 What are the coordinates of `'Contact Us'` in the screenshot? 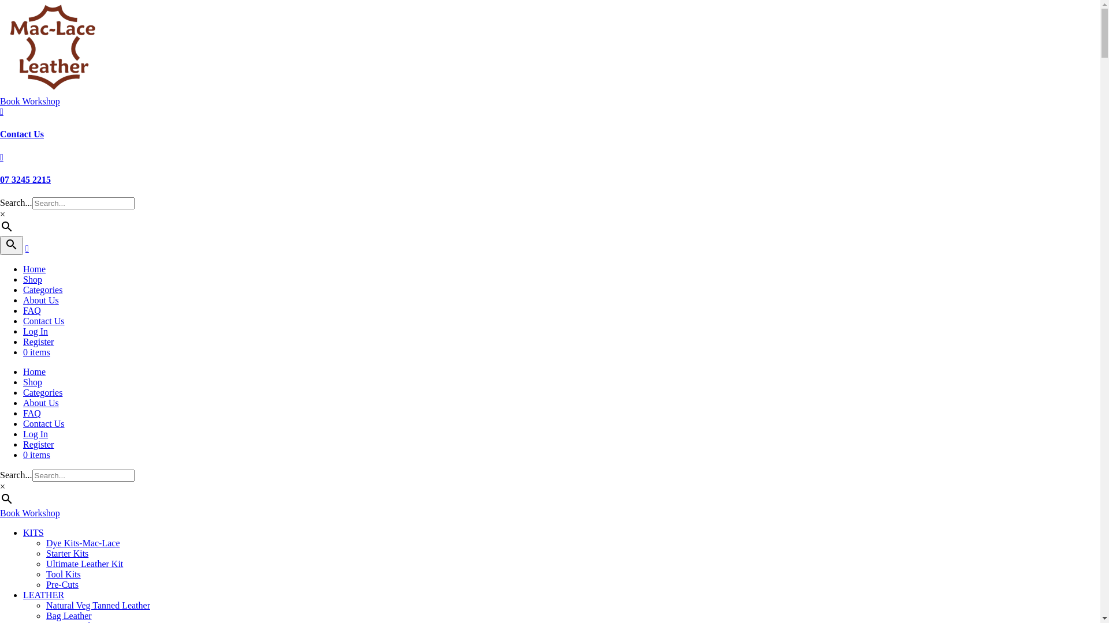 It's located at (44, 321).